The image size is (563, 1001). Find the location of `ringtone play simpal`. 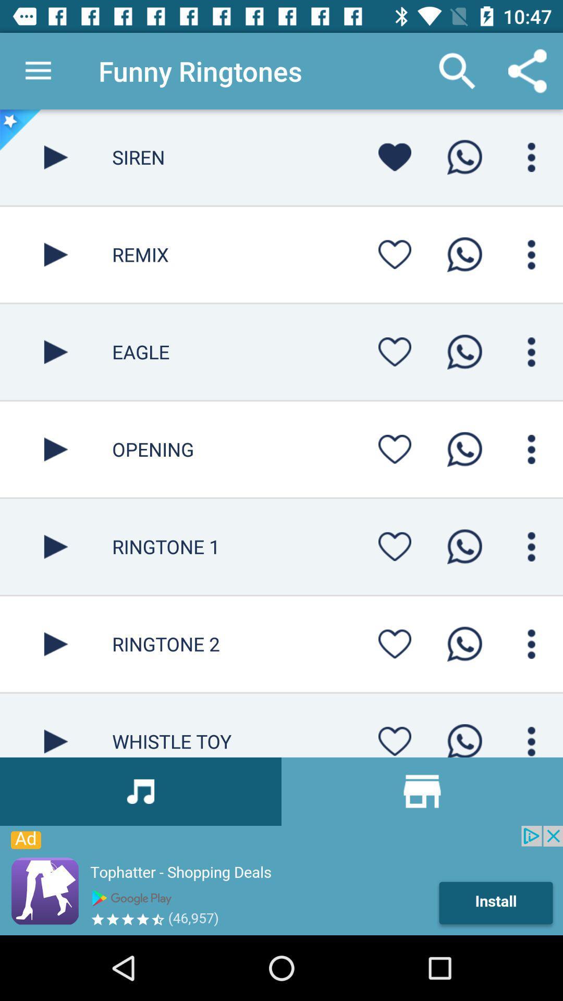

ringtone play simpal is located at coordinates (56, 643).